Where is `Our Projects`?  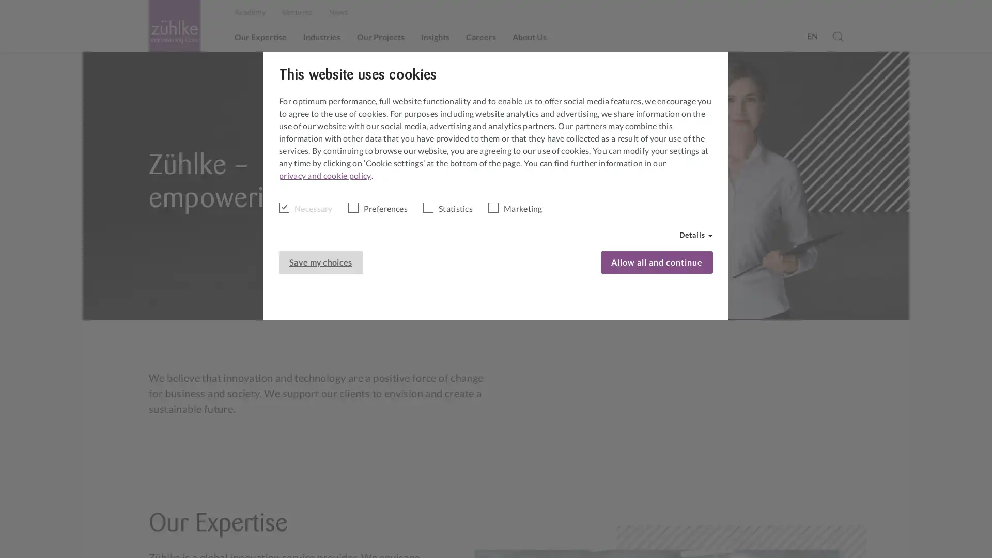
Our Projects is located at coordinates (380, 37).